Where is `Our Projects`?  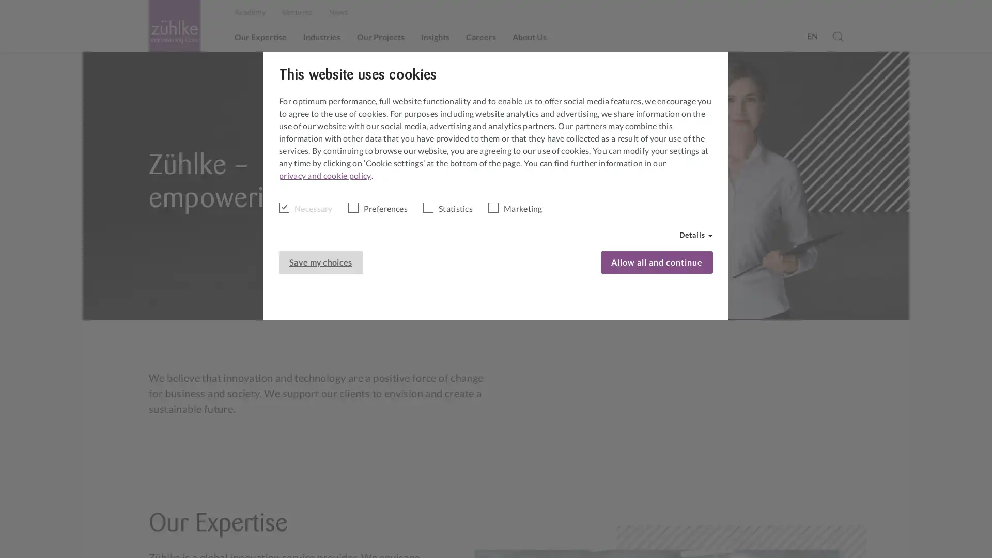
Our Projects is located at coordinates (380, 37).